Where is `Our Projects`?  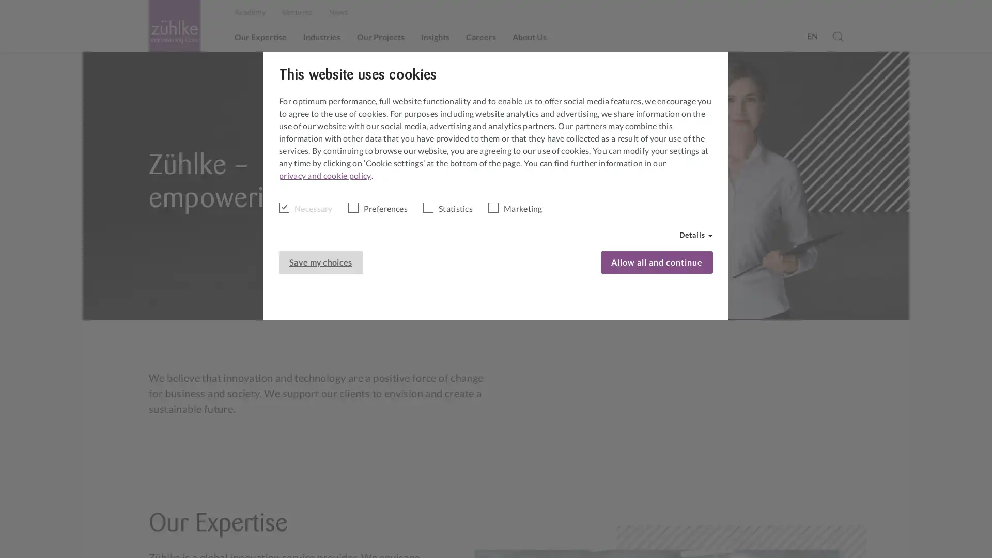
Our Projects is located at coordinates (380, 37).